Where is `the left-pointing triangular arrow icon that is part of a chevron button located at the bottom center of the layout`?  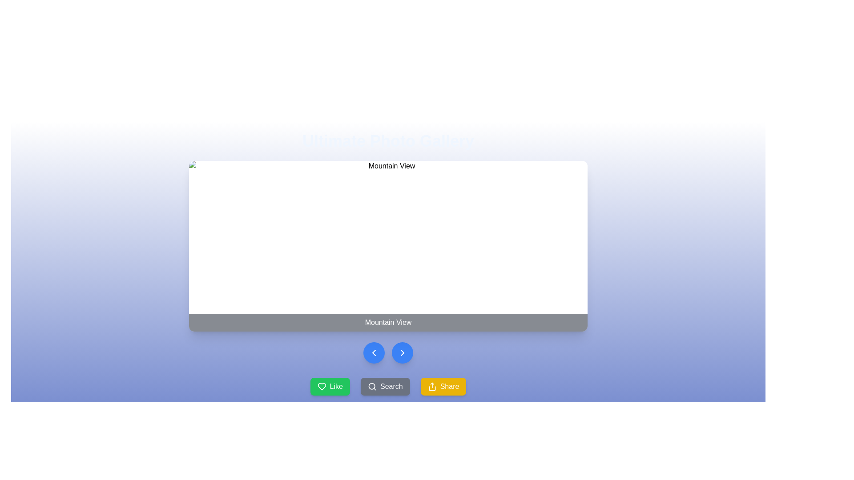
the left-pointing triangular arrow icon that is part of a chevron button located at the bottom center of the layout is located at coordinates (374, 352).